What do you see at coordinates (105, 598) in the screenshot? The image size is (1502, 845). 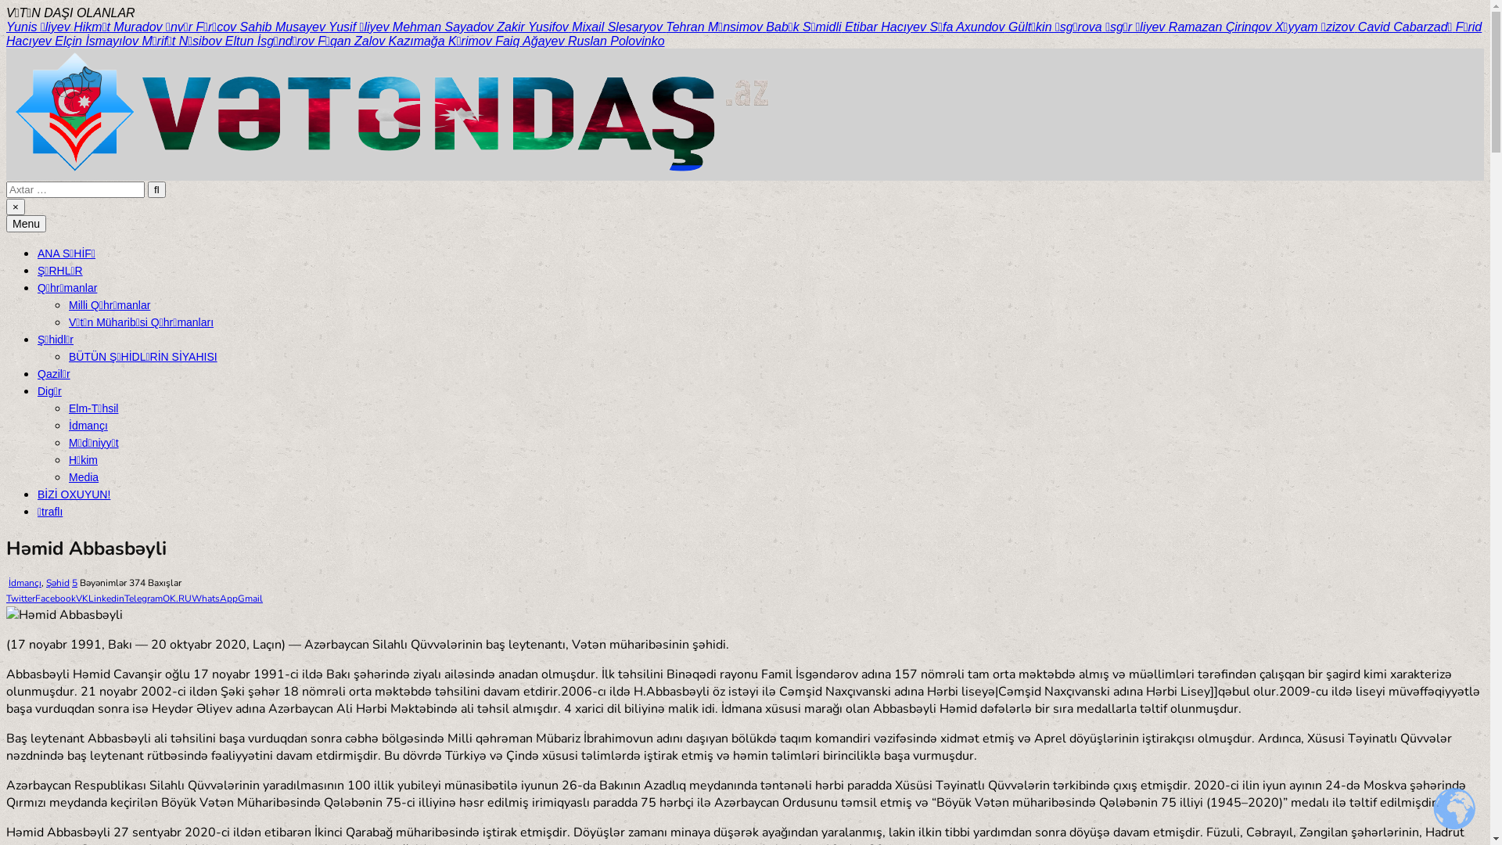 I see `'Linkedin'` at bounding box center [105, 598].